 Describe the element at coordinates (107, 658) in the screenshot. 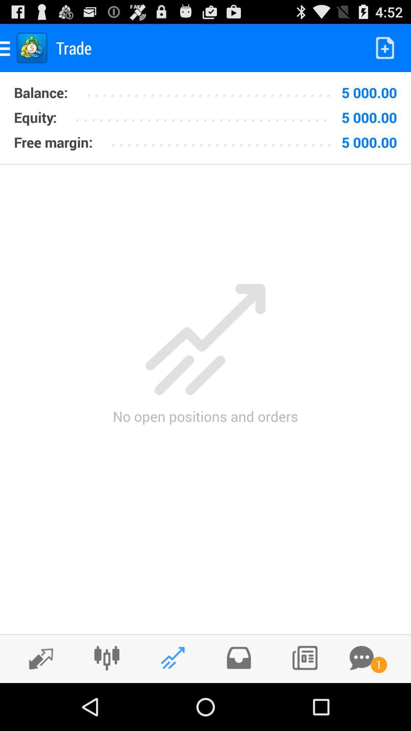

I see `settings` at that location.